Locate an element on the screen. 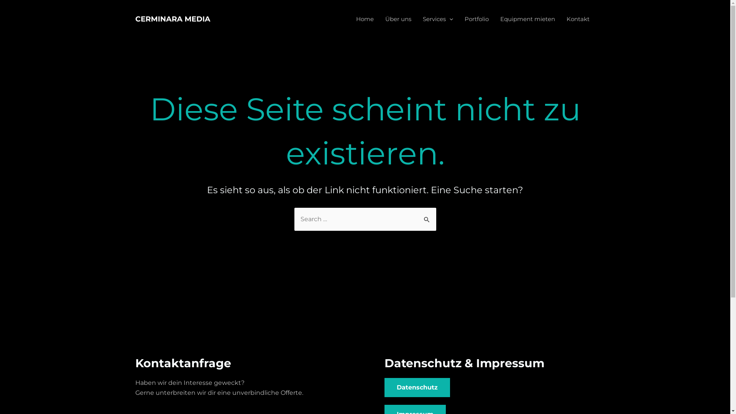 This screenshot has height=414, width=736. 'Datenschutz' is located at coordinates (416, 387).